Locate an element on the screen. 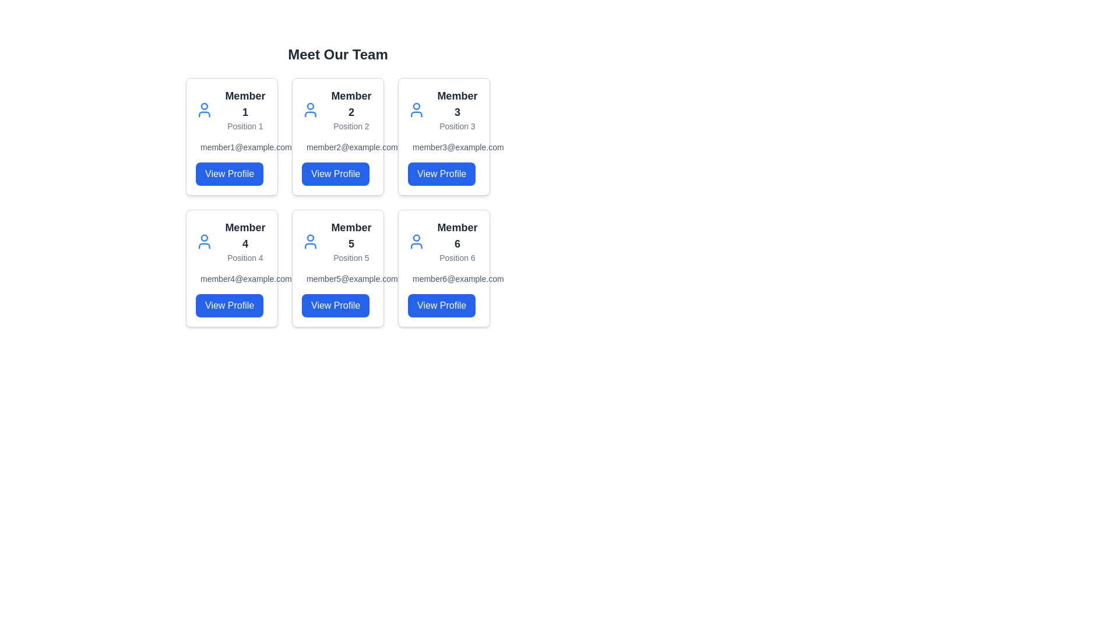 The width and height of the screenshot is (1119, 629). the heading/text label identifying 'Member 3' is located at coordinates (456, 103).